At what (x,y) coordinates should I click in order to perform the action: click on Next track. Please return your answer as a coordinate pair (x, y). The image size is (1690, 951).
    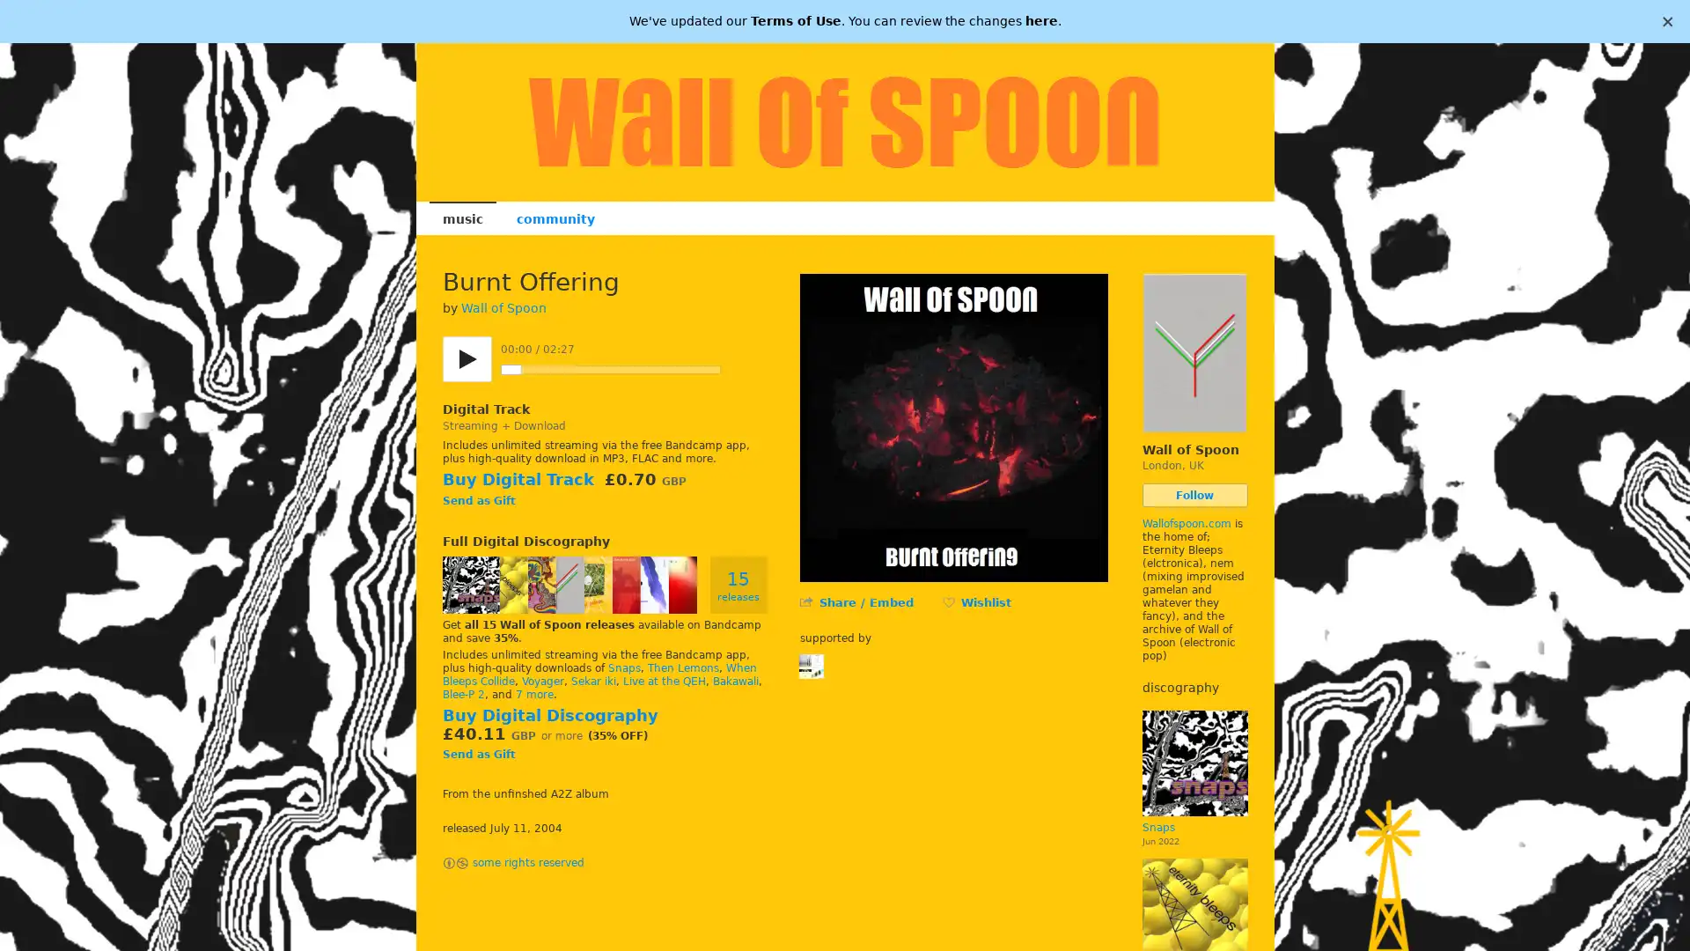
    Looking at the image, I should click on (764, 369).